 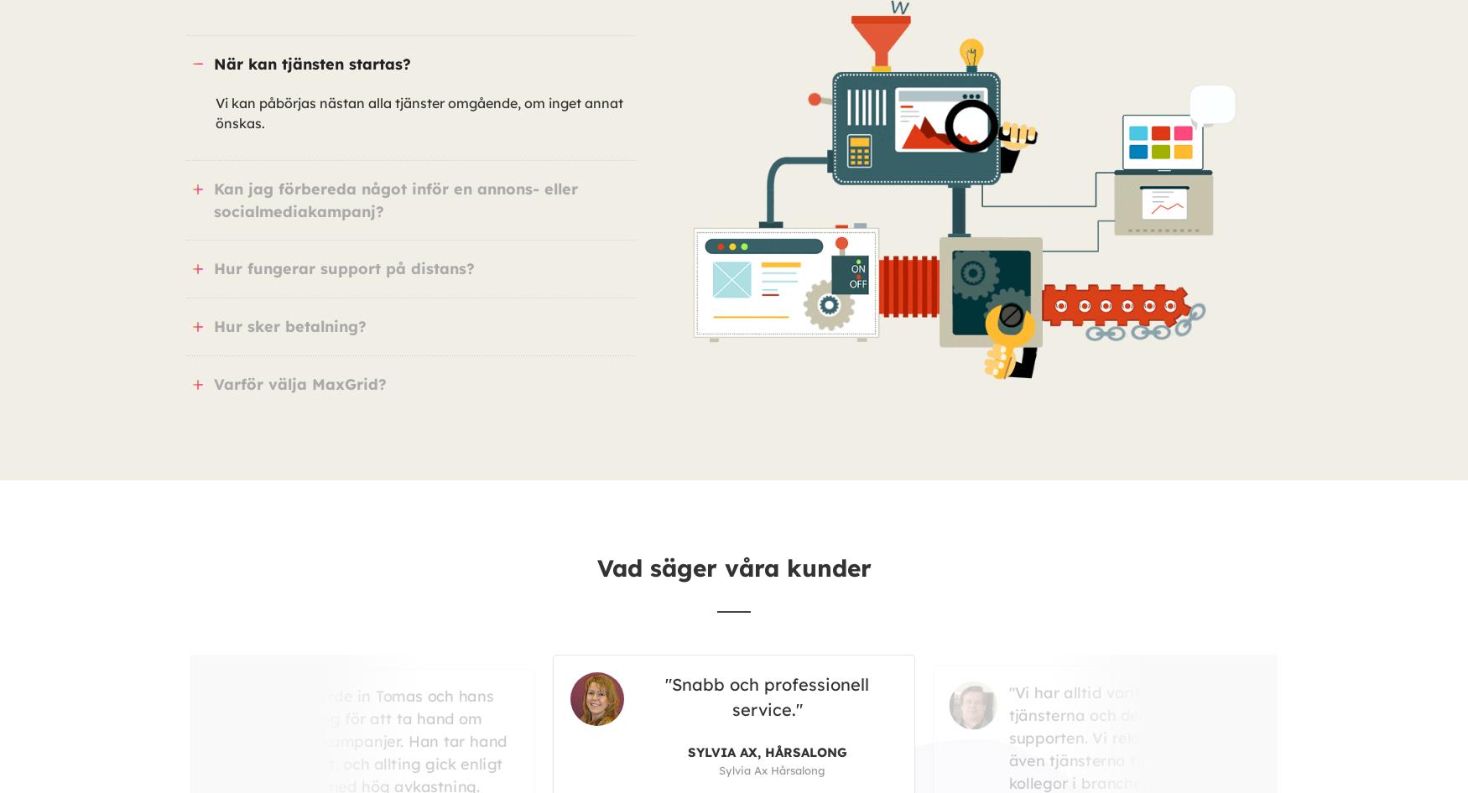 What do you see at coordinates (1016, 740) in the screenshot?
I see `'Omsin AB'` at bounding box center [1016, 740].